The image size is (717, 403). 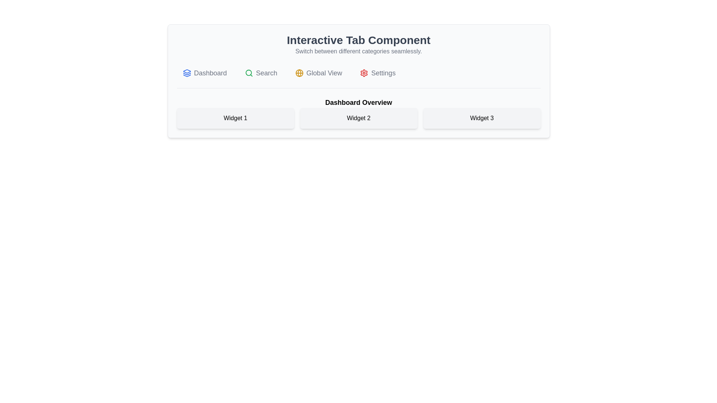 What do you see at coordinates (358, 44) in the screenshot?
I see `text from the Header or Title block that combines a main heading 'Interactive Tab Component' and a subtitle 'Switch between different categories seamlessly.'` at bounding box center [358, 44].